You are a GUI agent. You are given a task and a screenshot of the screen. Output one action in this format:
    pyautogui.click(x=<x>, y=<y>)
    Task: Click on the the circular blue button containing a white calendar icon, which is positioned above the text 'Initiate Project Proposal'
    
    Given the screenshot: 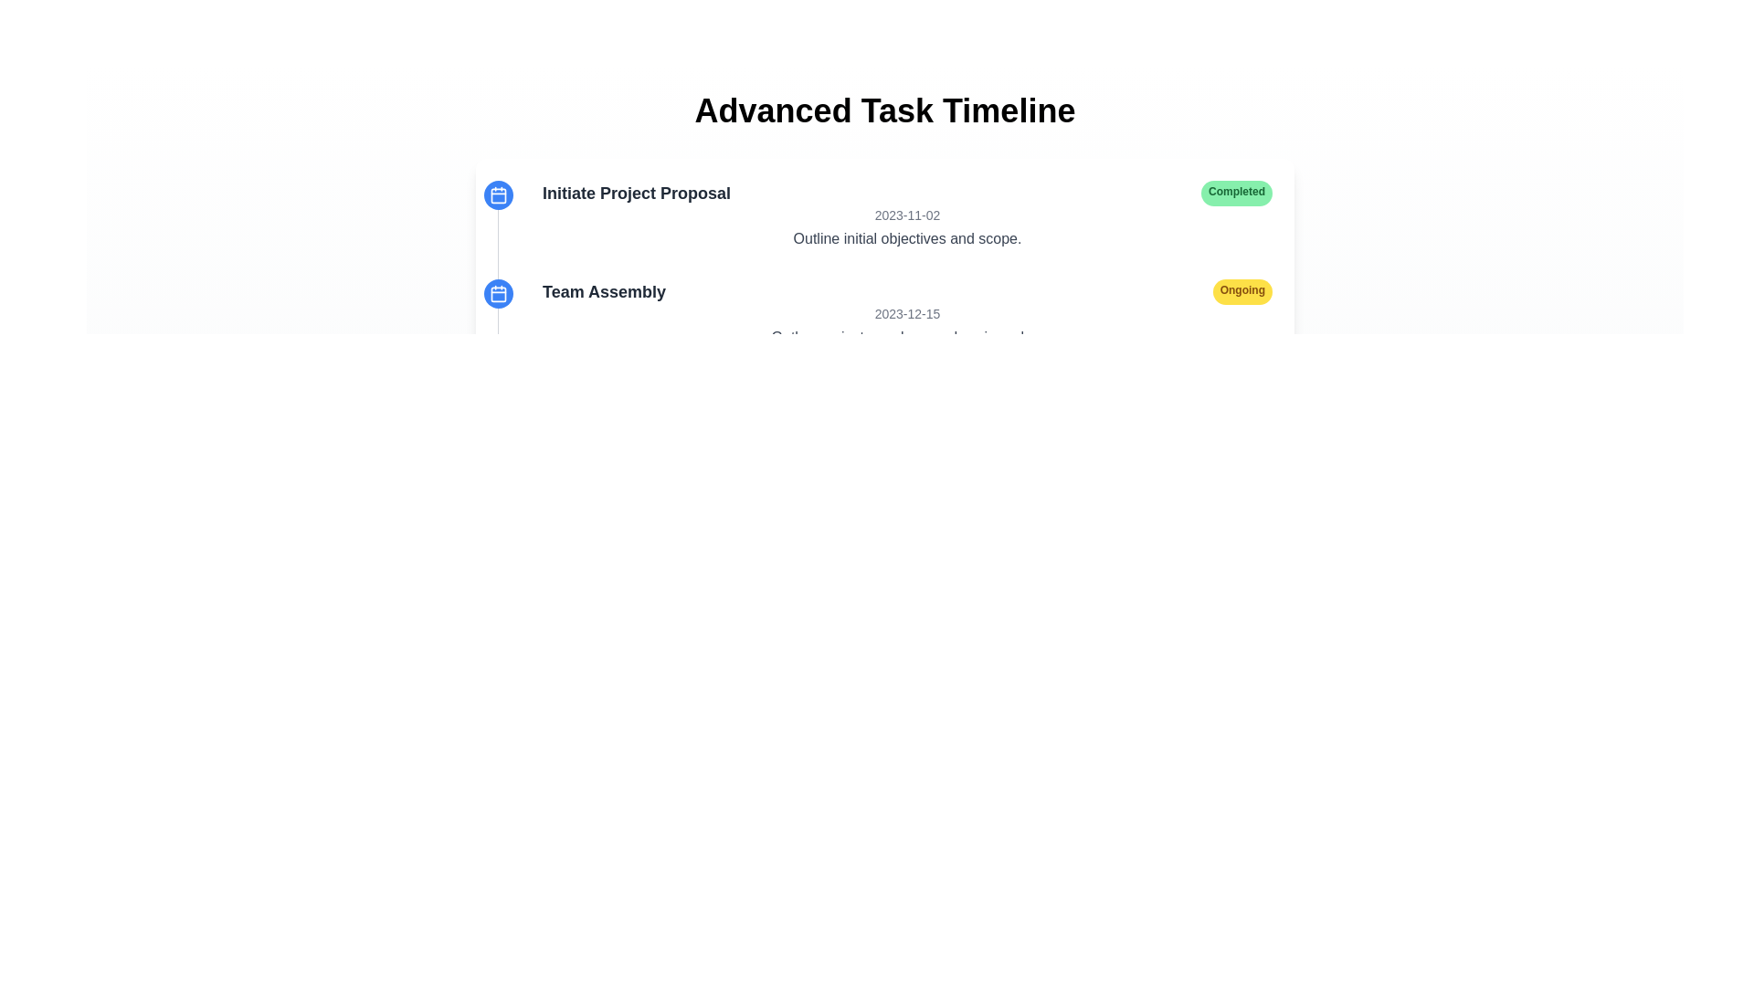 What is the action you would take?
    pyautogui.click(x=499, y=194)
    